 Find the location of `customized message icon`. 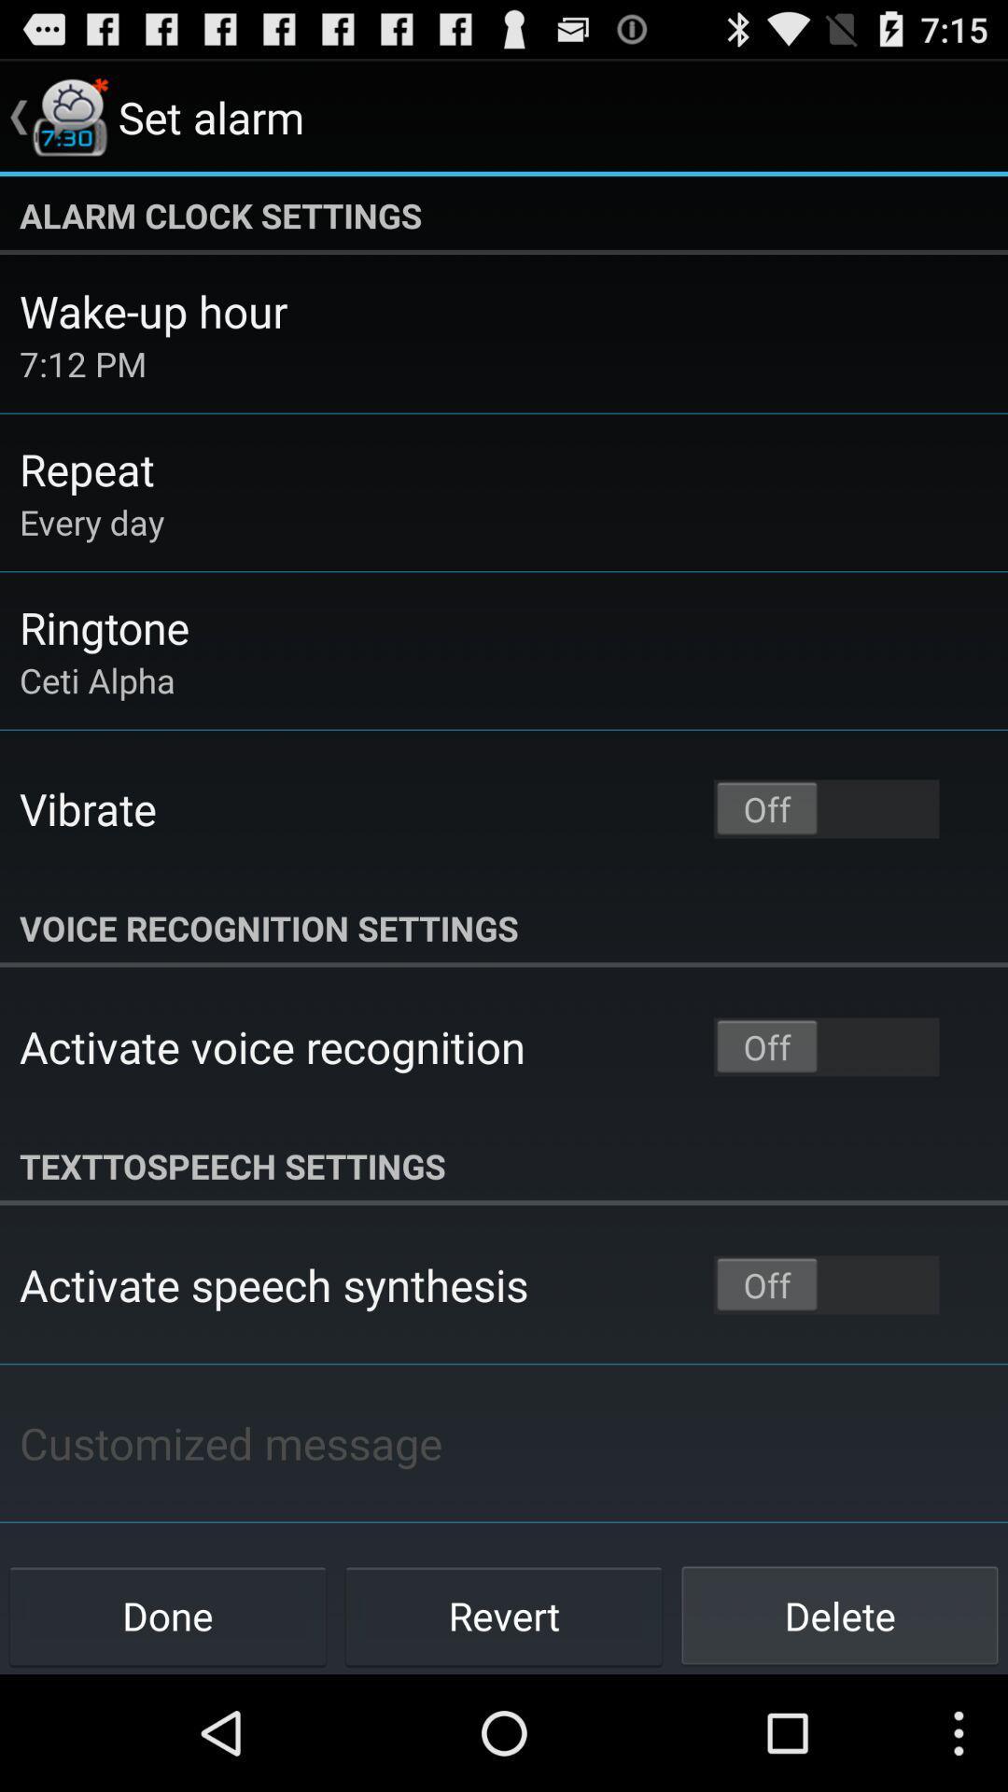

customized message icon is located at coordinates (230, 1442).